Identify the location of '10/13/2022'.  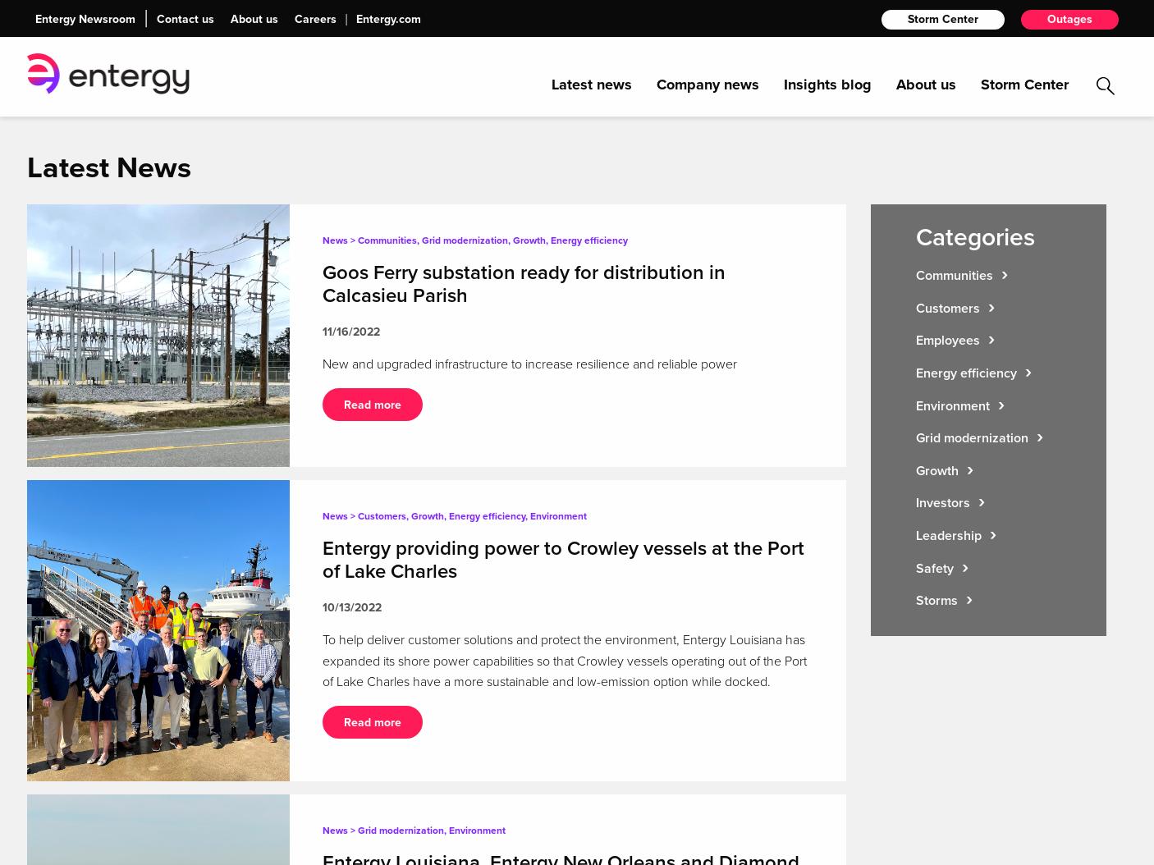
(351, 607).